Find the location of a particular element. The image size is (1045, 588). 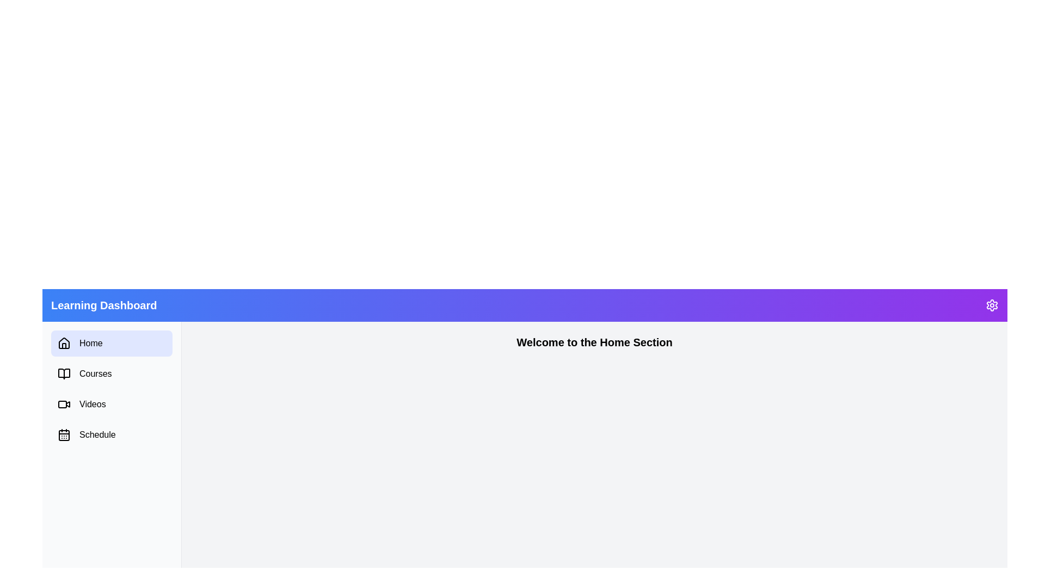

the triangular play button icon in the sidebar navigation menu next to the 'Videos' text label for video playback is located at coordinates (67, 403).